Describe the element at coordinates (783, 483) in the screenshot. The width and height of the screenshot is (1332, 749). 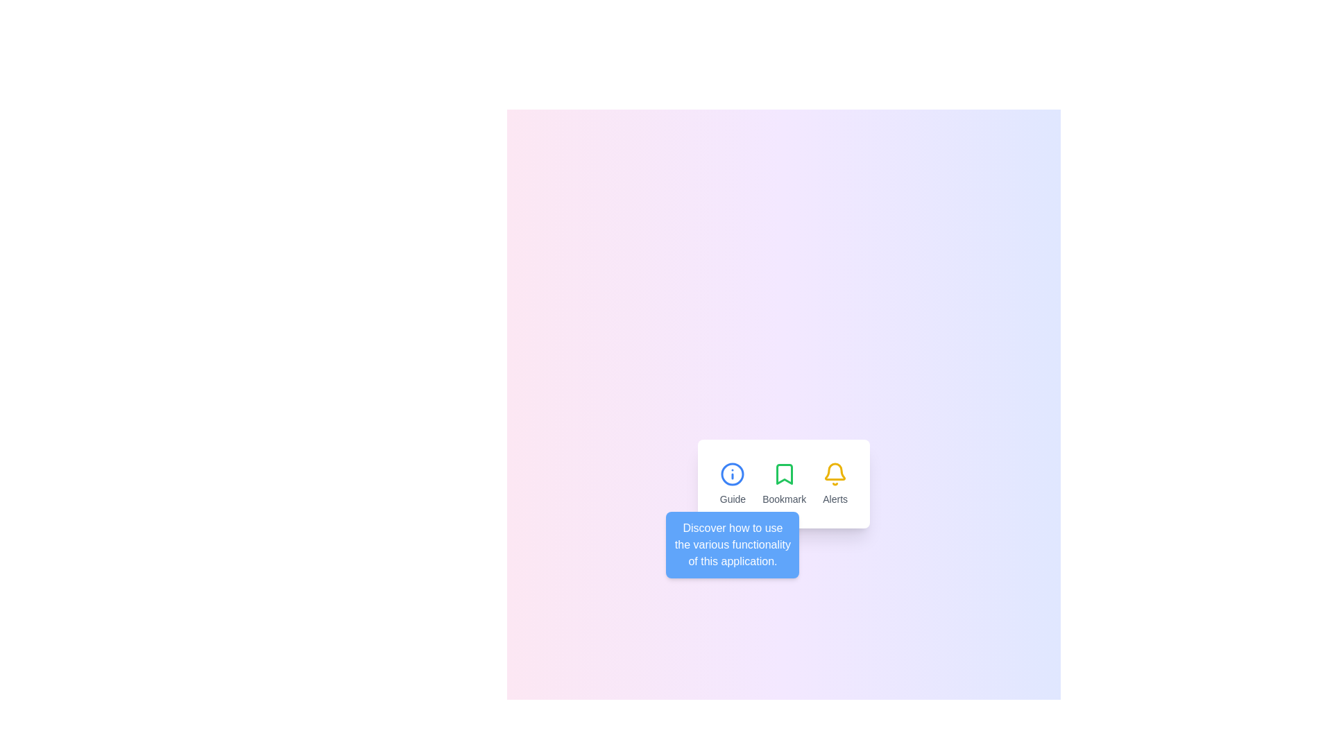
I see `the second icon with a label that represents bookmarking or saving items, centrally positioned within a light-themed card-like background` at that location.